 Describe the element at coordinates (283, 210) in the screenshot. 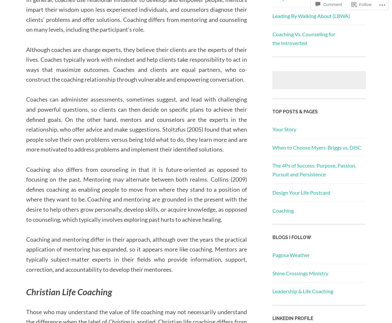

I see `'Coaching'` at that location.